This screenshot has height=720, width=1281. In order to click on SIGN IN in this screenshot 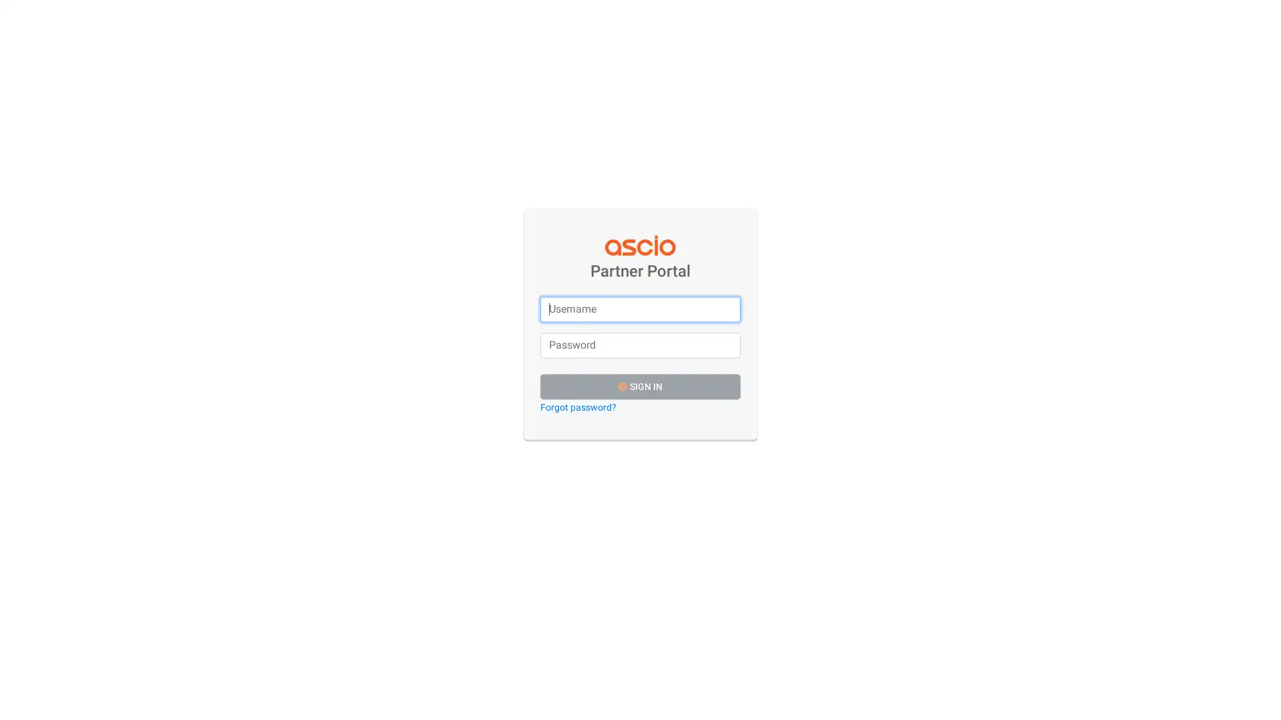, I will do `click(640, 386)`.